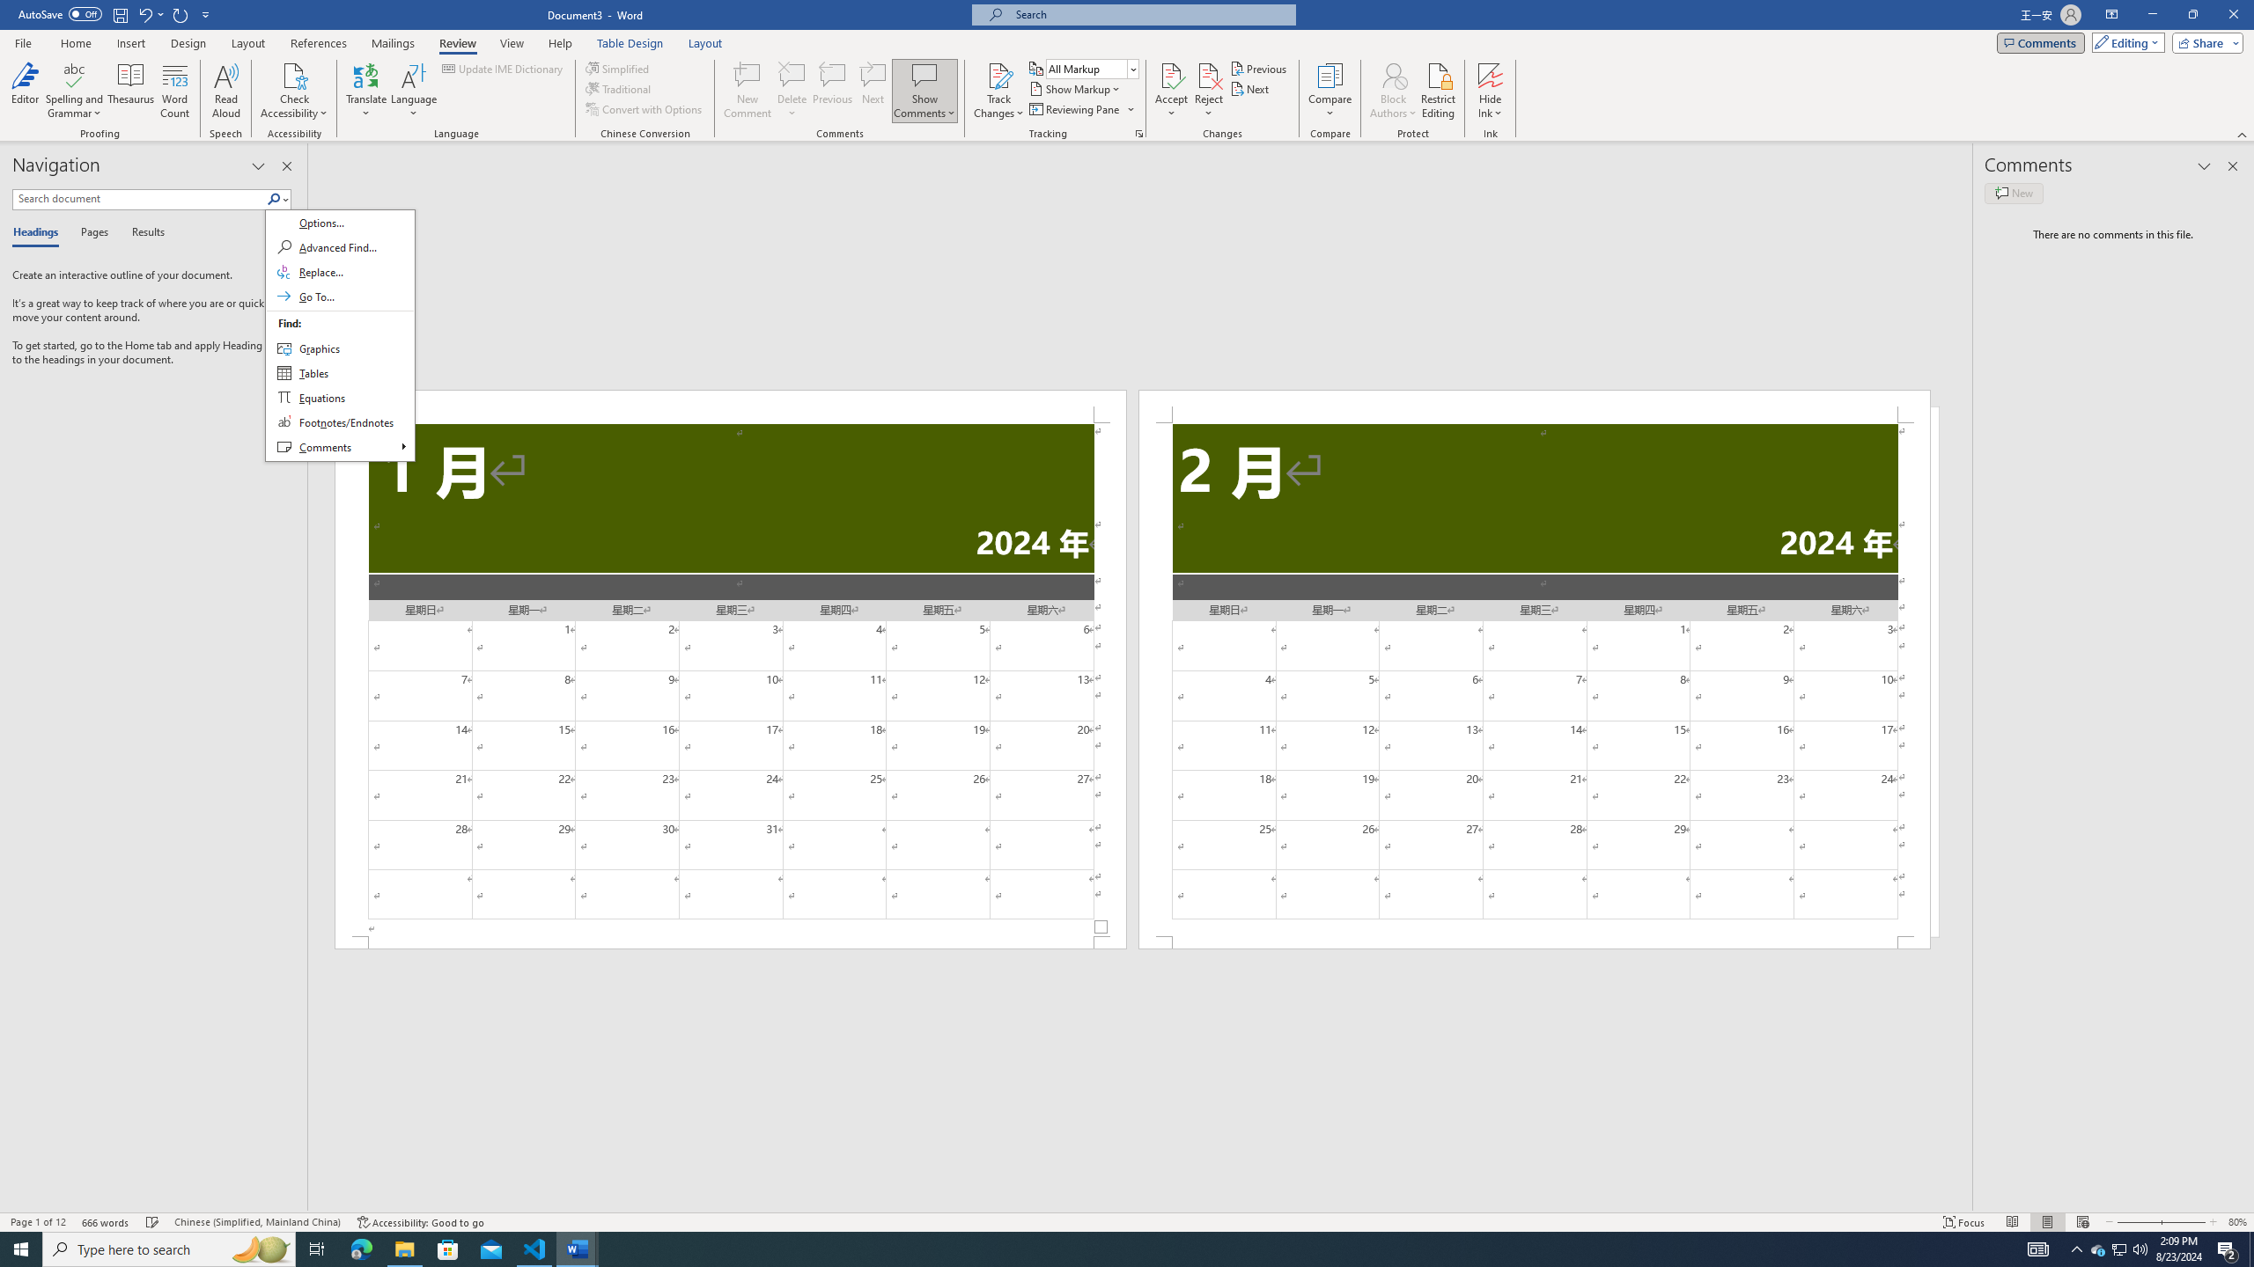 Image resolution: width=2254 pixels, height=1267 pixels. I want to click on 'Read Aloud', so click(225, 91).